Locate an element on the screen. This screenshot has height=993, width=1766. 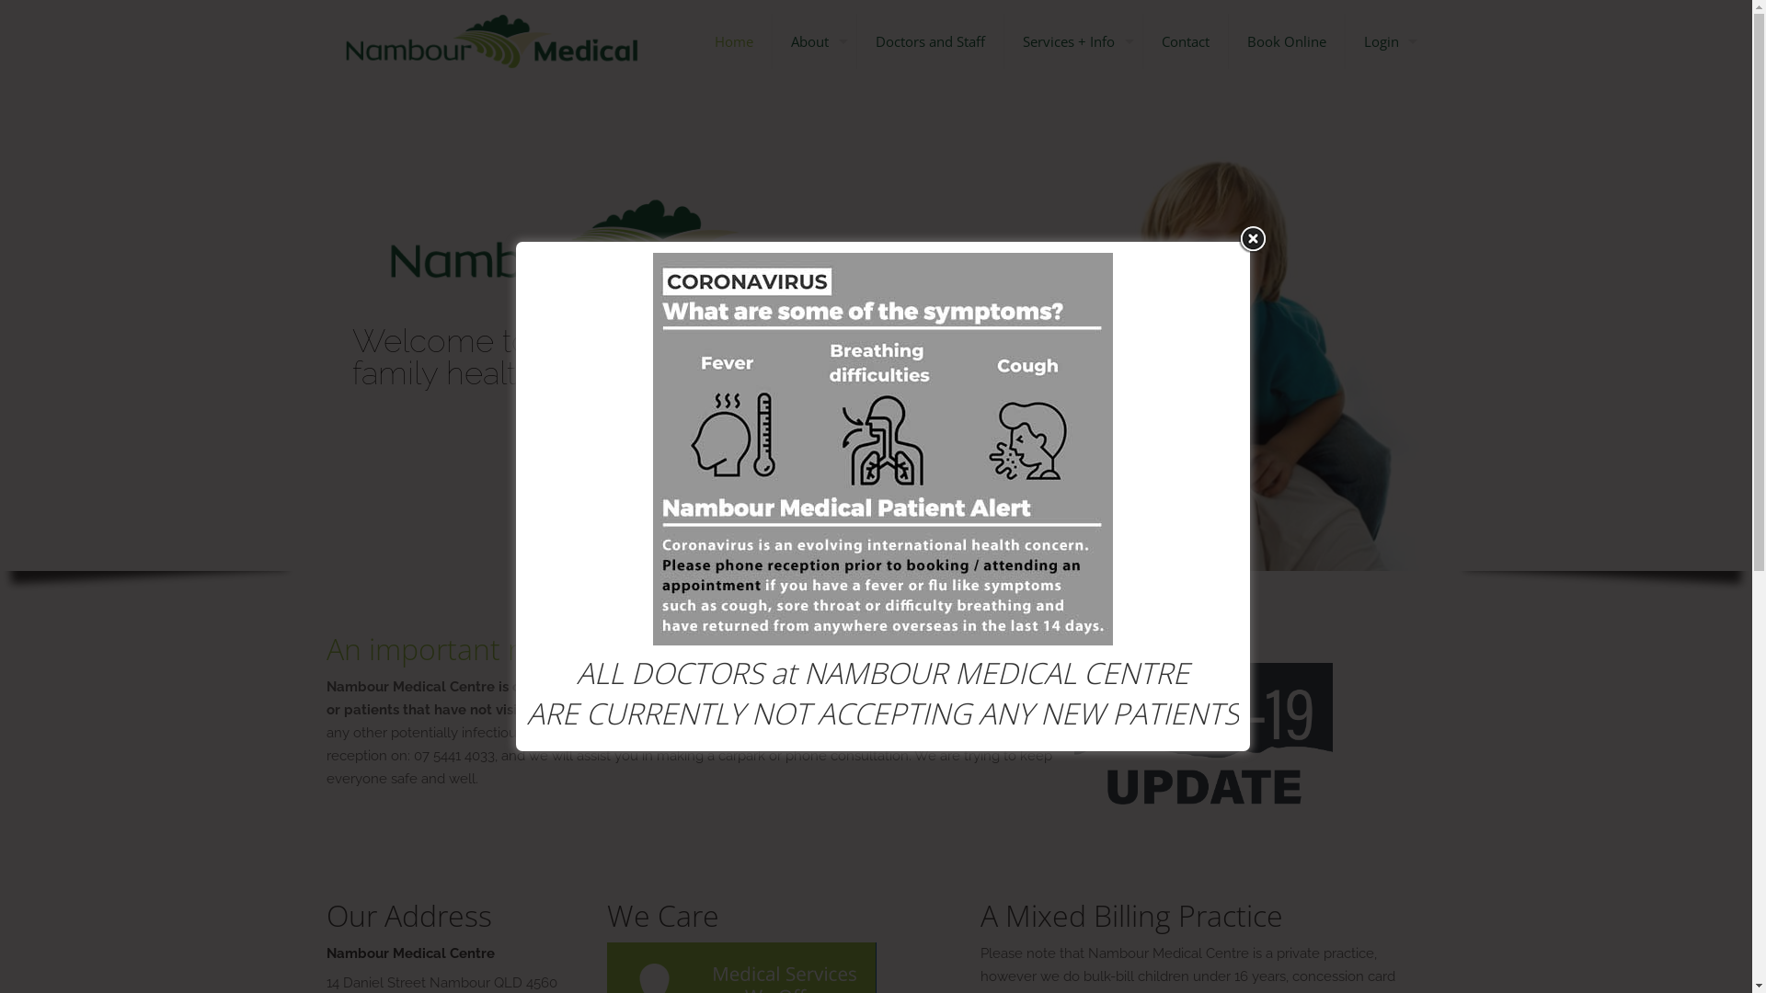
'Home' is located at coordinates (732, 41).